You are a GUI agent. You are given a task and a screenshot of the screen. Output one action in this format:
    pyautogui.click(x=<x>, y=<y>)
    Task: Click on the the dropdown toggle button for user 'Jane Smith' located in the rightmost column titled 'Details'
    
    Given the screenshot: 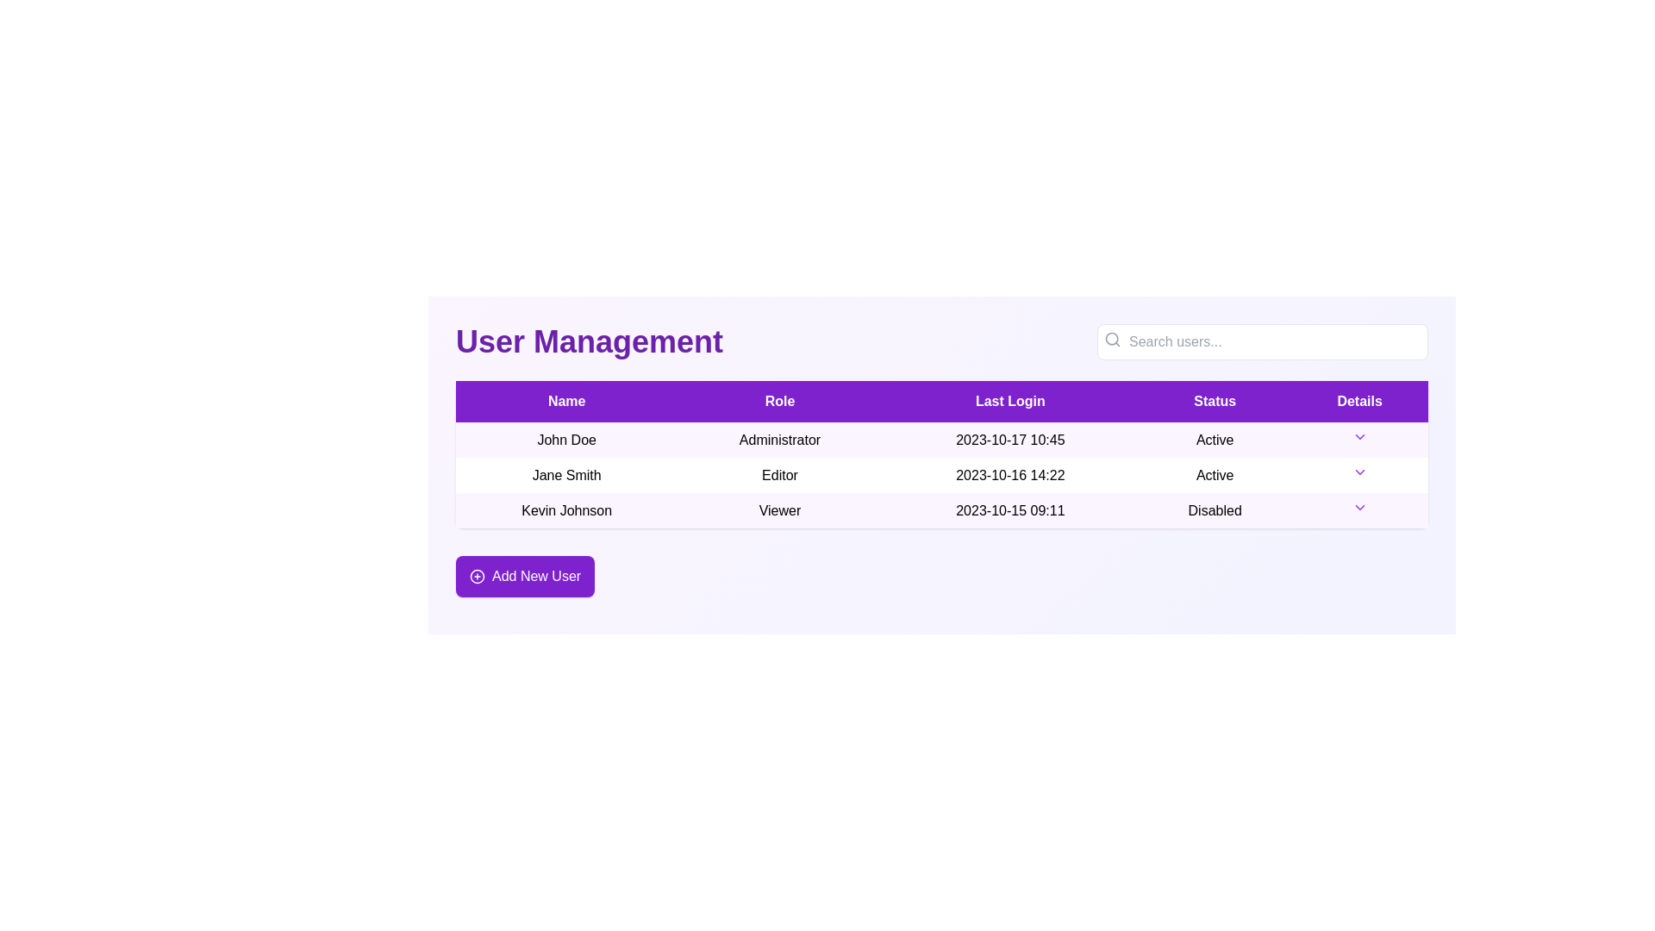 What is the action you would take?
    pyautogui.click(x=1358, y=475)
    